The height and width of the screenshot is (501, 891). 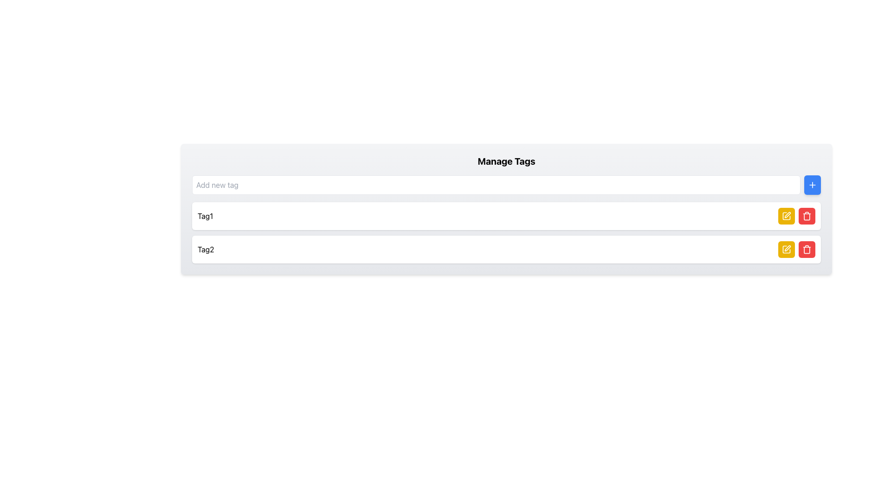 What do you see at coordinates (506, 161) in the screenshot?
I see `the text label that serves as the section title for managing tags, which is positioned at the top of a light gray box with rounded corners` at bounding box center [506, 161].